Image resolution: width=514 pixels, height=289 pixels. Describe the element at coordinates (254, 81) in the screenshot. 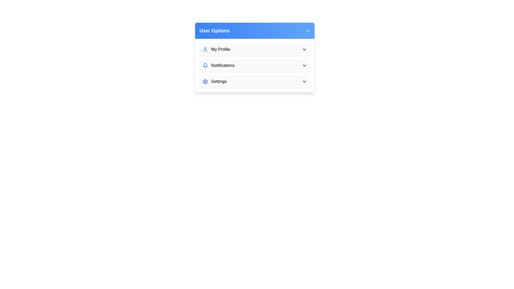

I see `the third row item in the 'User Options' dropdown menu` at that location.